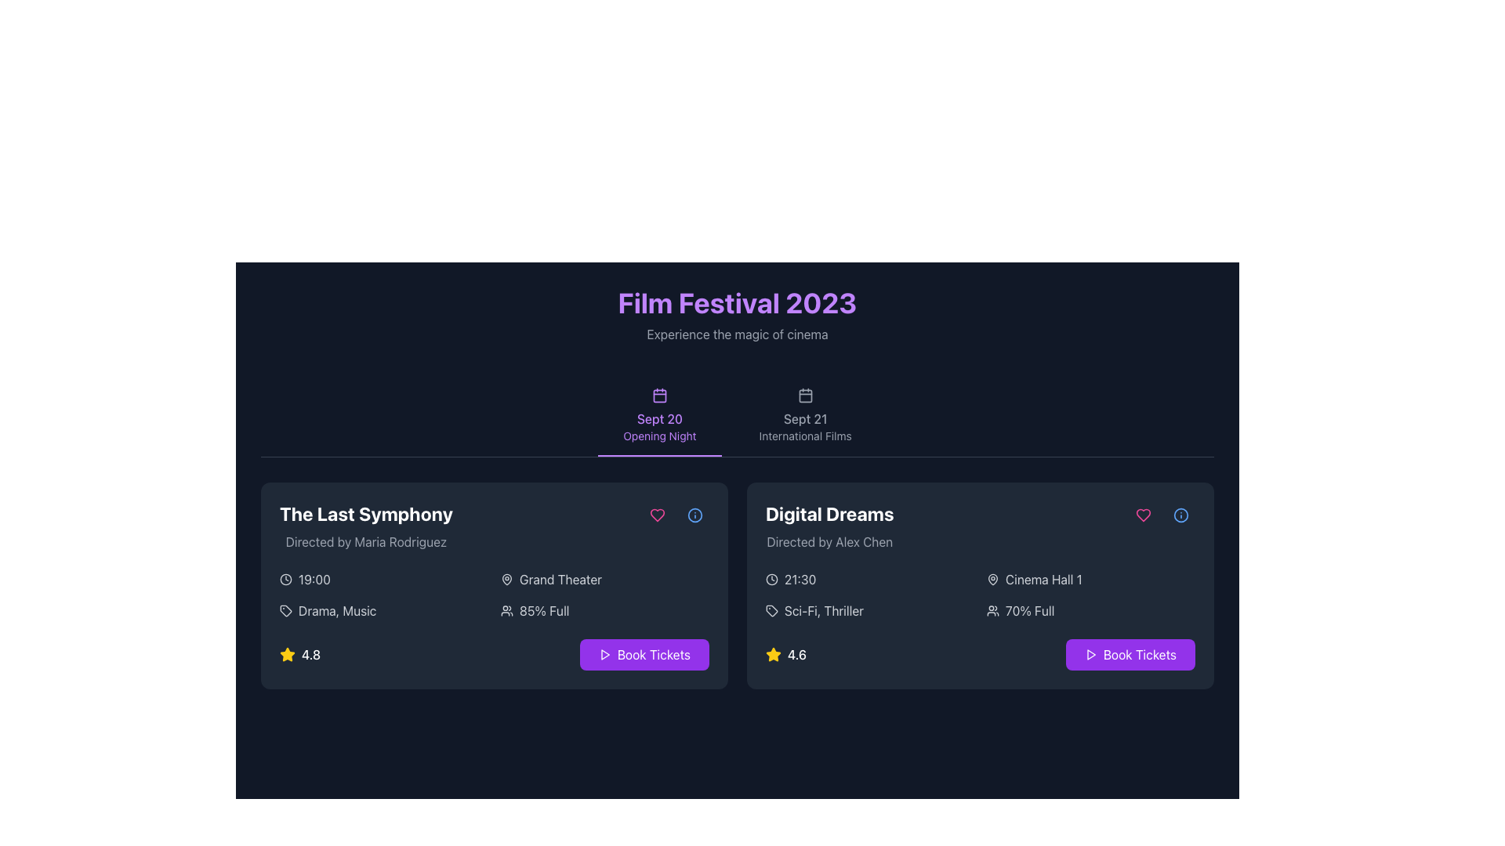 Image resolution: width=1505 pixels, height=846 pixels. What do you see at coordinates (659, 418) in the screenshot?
I see `the text label displaying 'Sept 20', which is located in the interactive section labeled 'Opening Night' with a purple font` at bounding box center [659, 418].